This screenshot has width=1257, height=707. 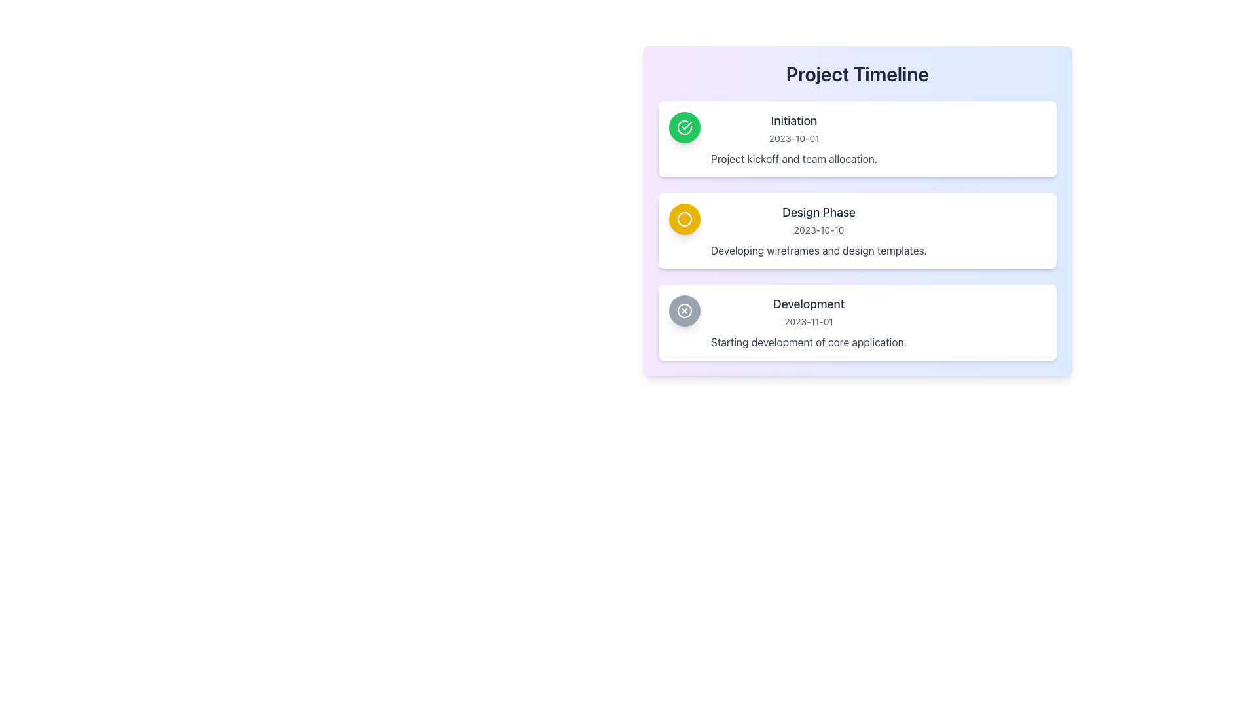 I want to click on the text label displaying the date '2023-10-10' in a small, gray font, which is located below the title 'Design Phase' on the card, so click(x=818, y=229).